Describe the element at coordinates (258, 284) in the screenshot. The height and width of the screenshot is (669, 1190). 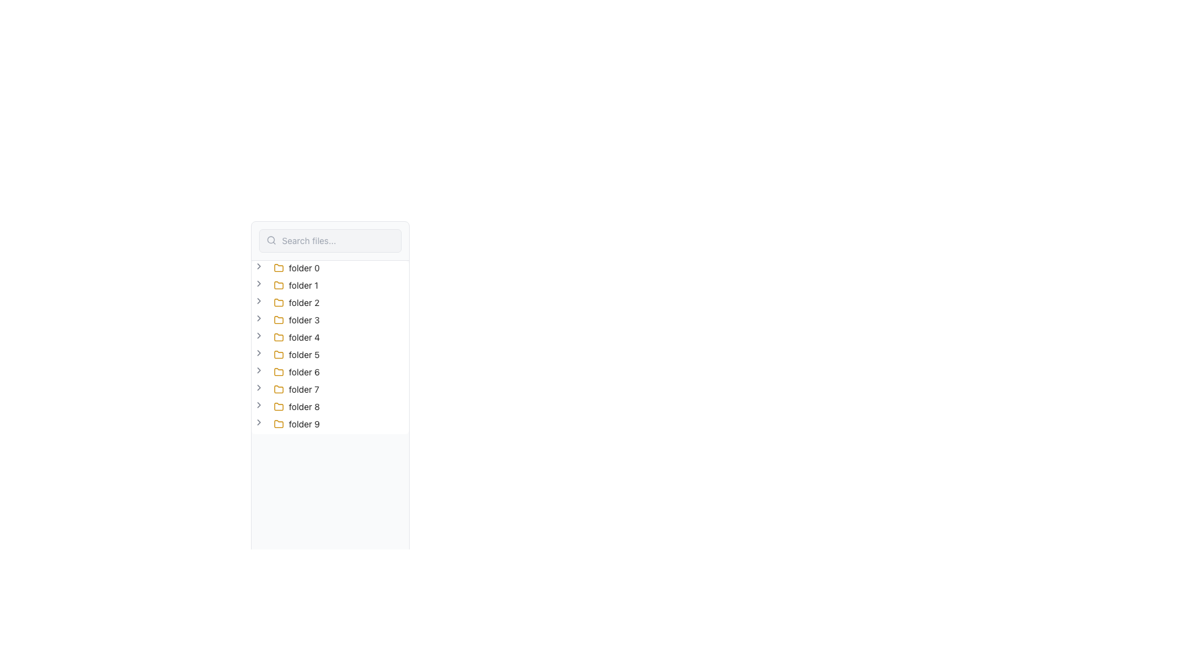
I see `the Chevron Arrow icon located to the left of the text label 'folder 1' in the second row of the collapsible tree structure to potentially trigger a tooltip or highlight the folder` at that location.